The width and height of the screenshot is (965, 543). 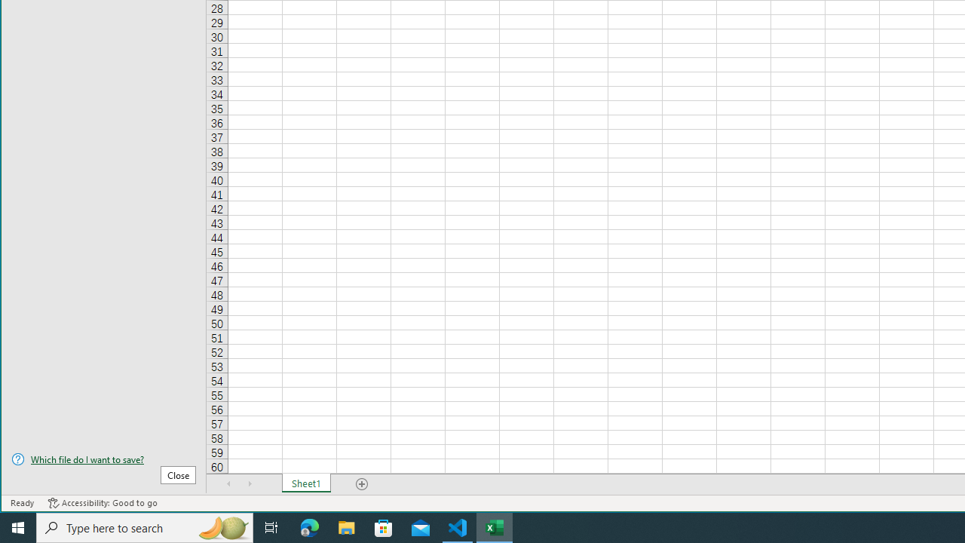 What do you see at coordinates (384, 526) in the screenshot?
I see `'Microsoft Store'` at bounding box center [384, 526].